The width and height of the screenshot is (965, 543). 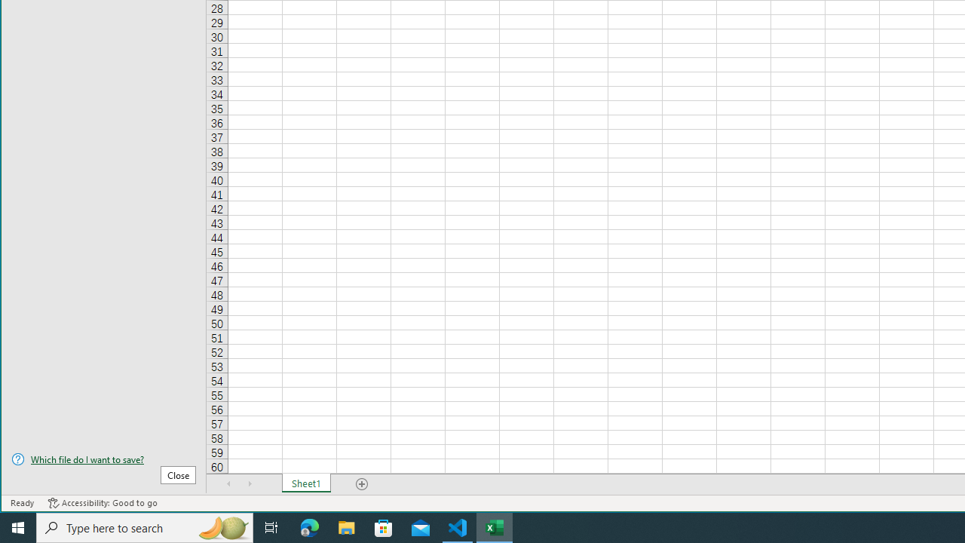 What do you see at coordinates (384, 526) in the screenshot?
I see `'Microsoft Store'` at bounding box center [384, 526].